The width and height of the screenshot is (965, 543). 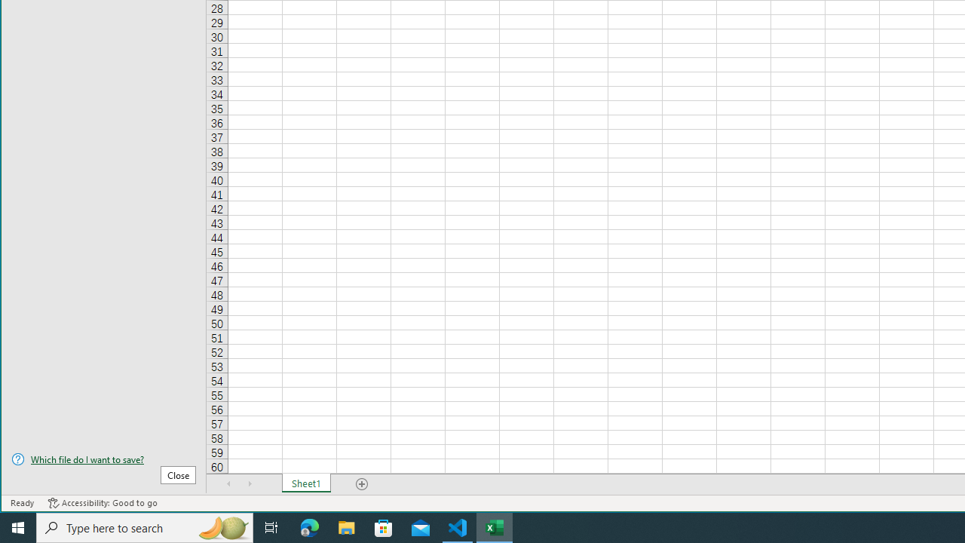 What do you see at coordinates (384, 526) in the screenshot?
I see `'Microsoft Store'` at bounding box center [384, 526].